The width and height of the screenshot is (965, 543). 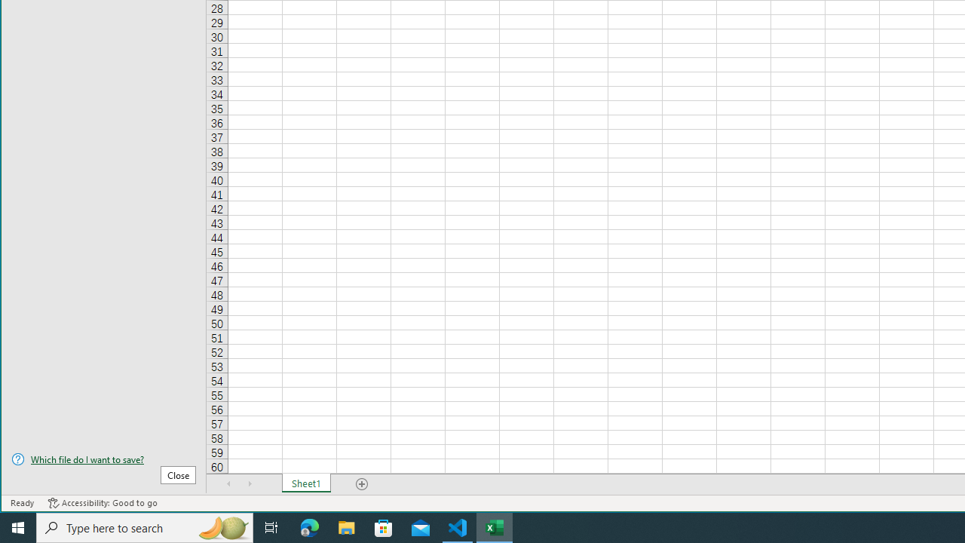 What do you see at coordinates (384, 526) in the screenshot?
I see `'Microsoft Store'` at bounding box center [384, 526].